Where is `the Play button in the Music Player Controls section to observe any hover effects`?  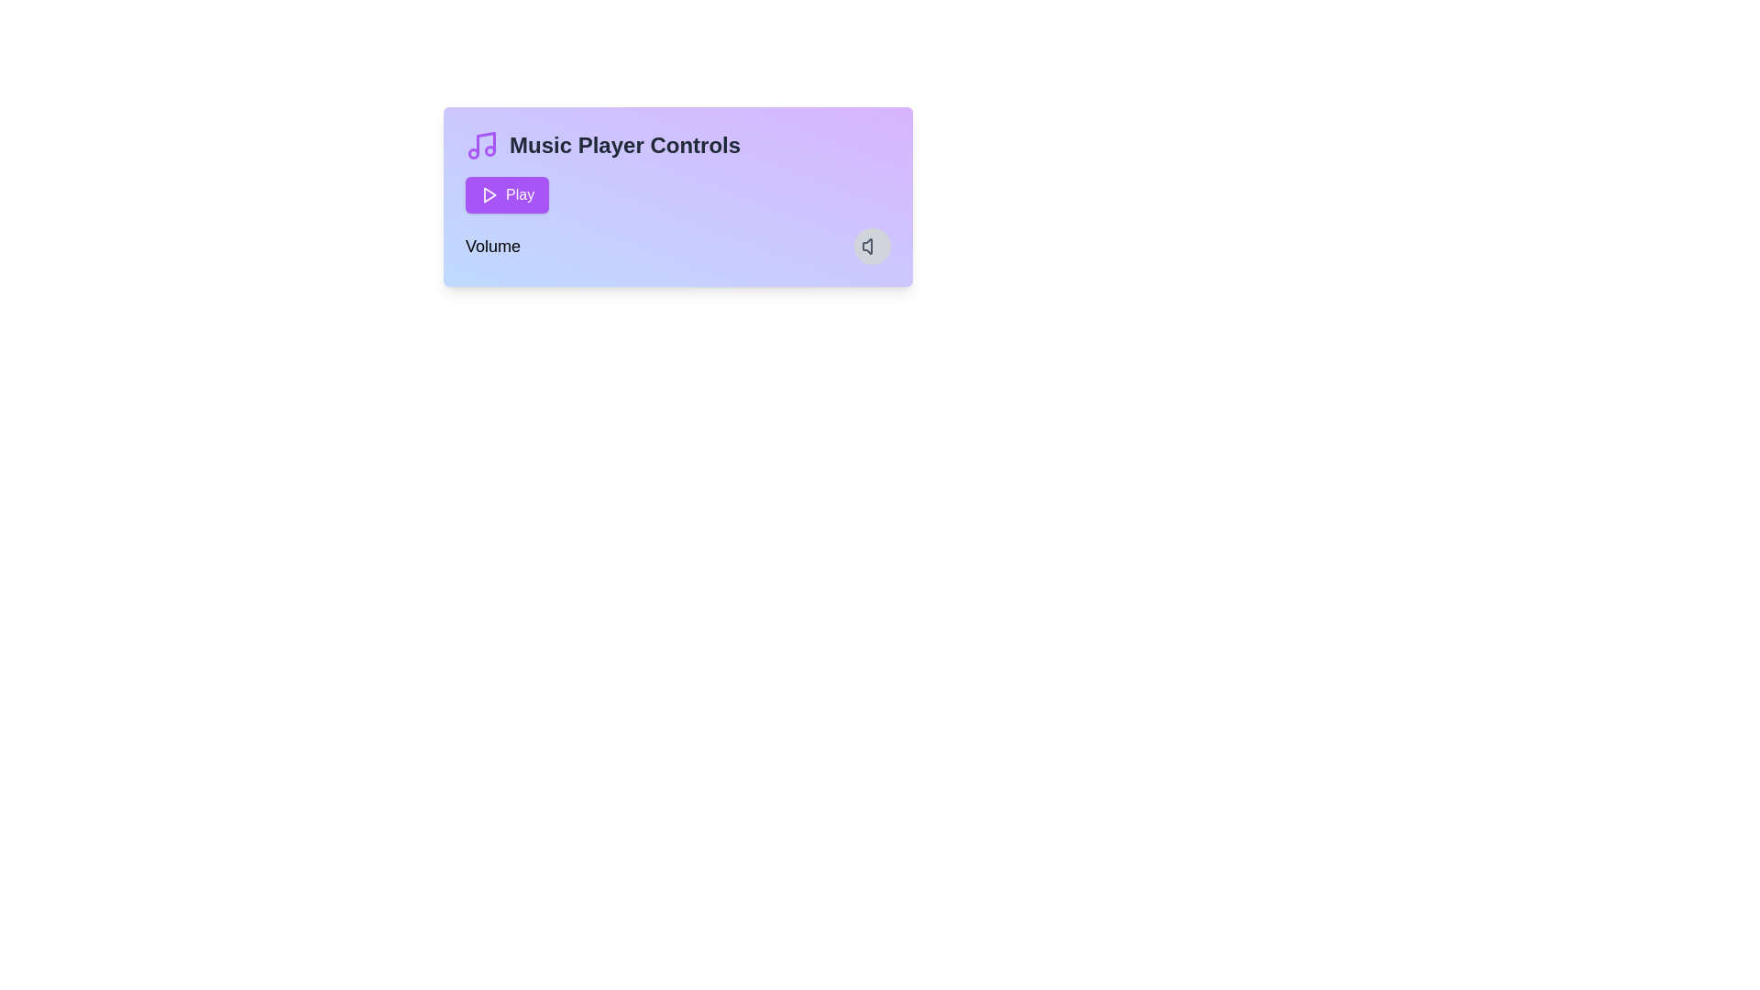
the Play button in the Music Player Controls section to observe any hover effects is located at coordinates (676, 194).